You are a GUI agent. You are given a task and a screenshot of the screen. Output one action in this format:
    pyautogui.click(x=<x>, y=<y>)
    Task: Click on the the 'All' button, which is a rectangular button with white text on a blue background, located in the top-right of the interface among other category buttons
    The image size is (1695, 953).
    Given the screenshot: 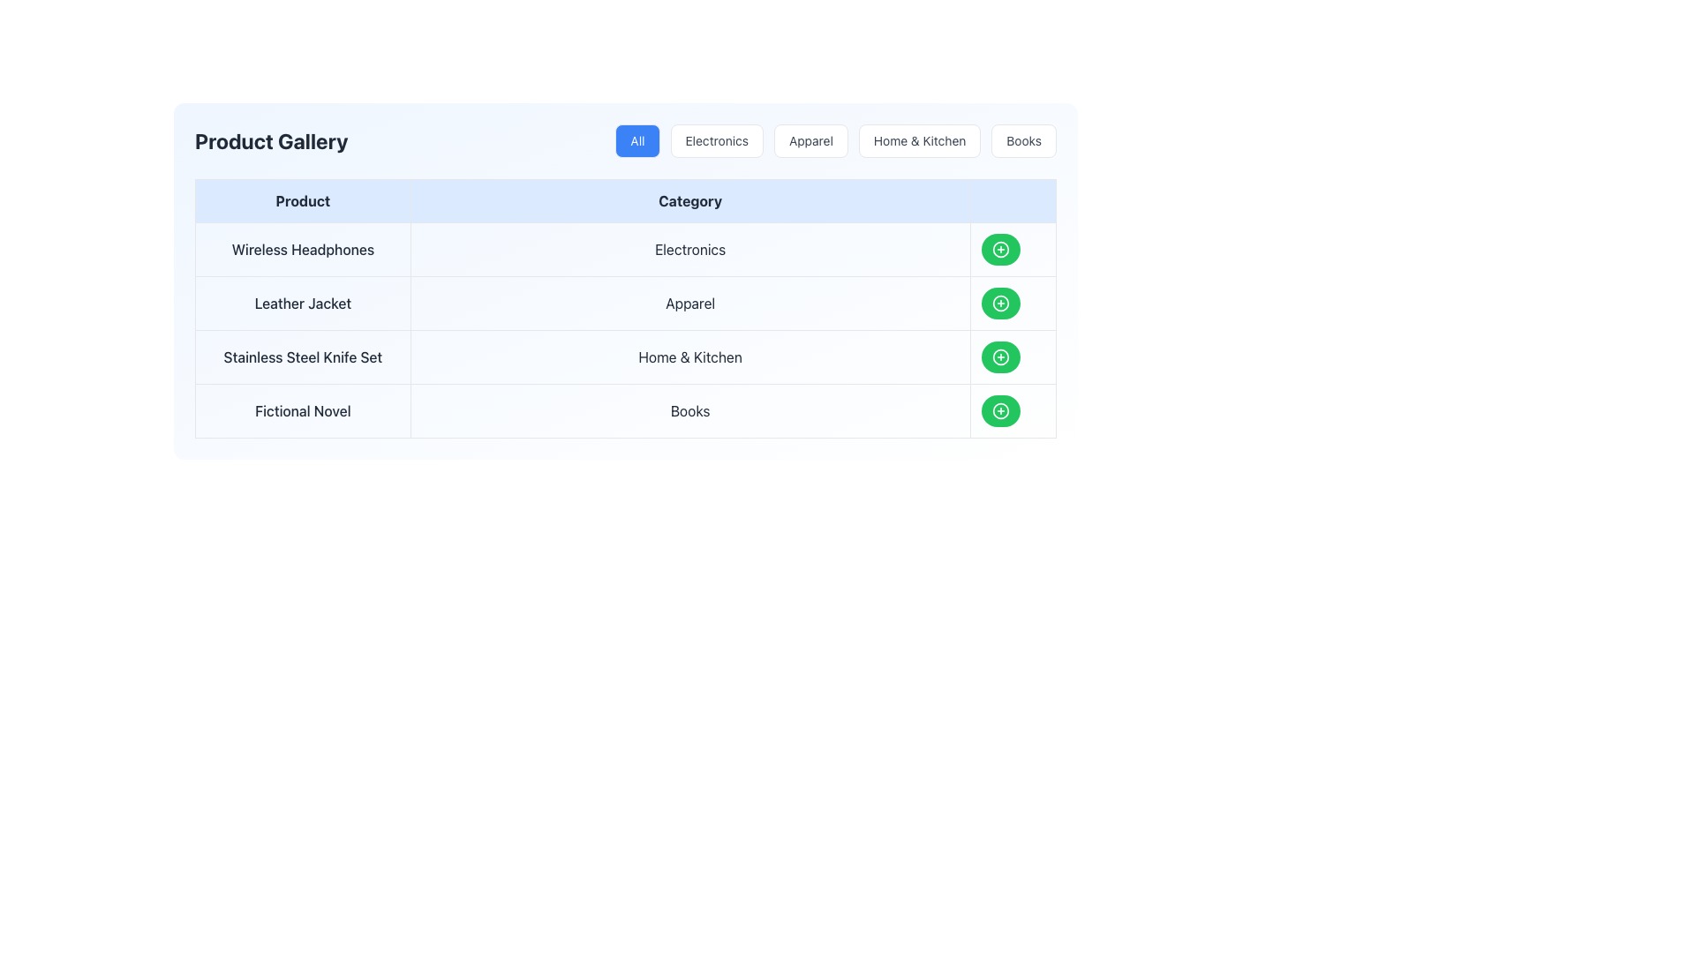 What is the action you would take?
    pyautogui.click(x=637, y=139)
    